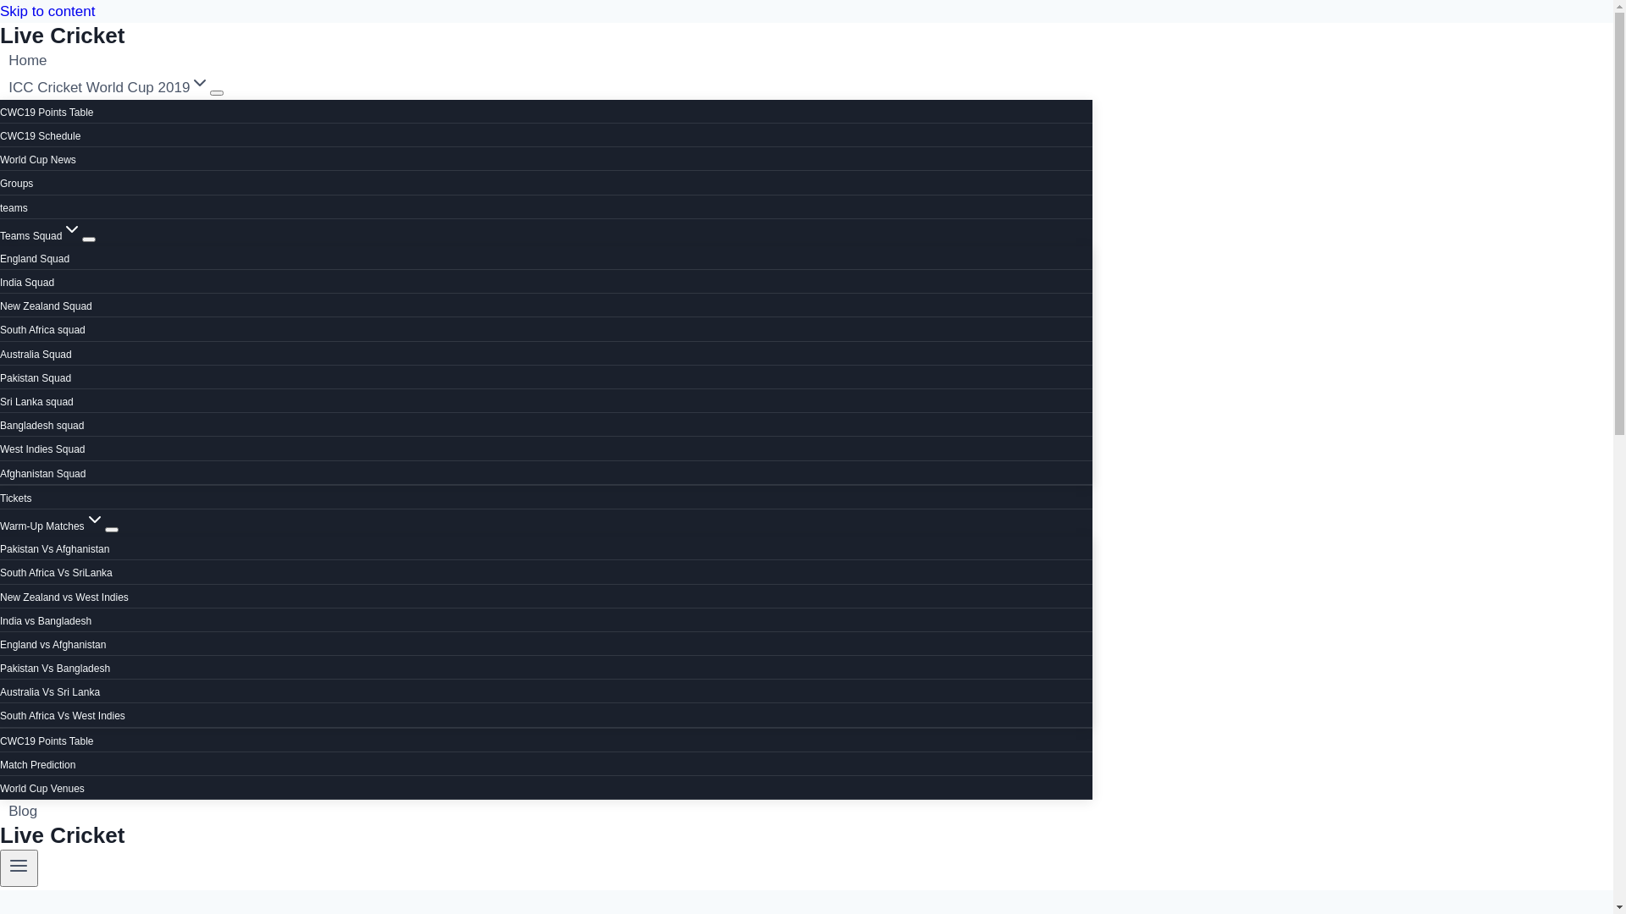  What do you see at coordinates (49, 691) in the screenshot?
I see `'Australia Vs Sri Lanka'` at bounding box center [49, 691].